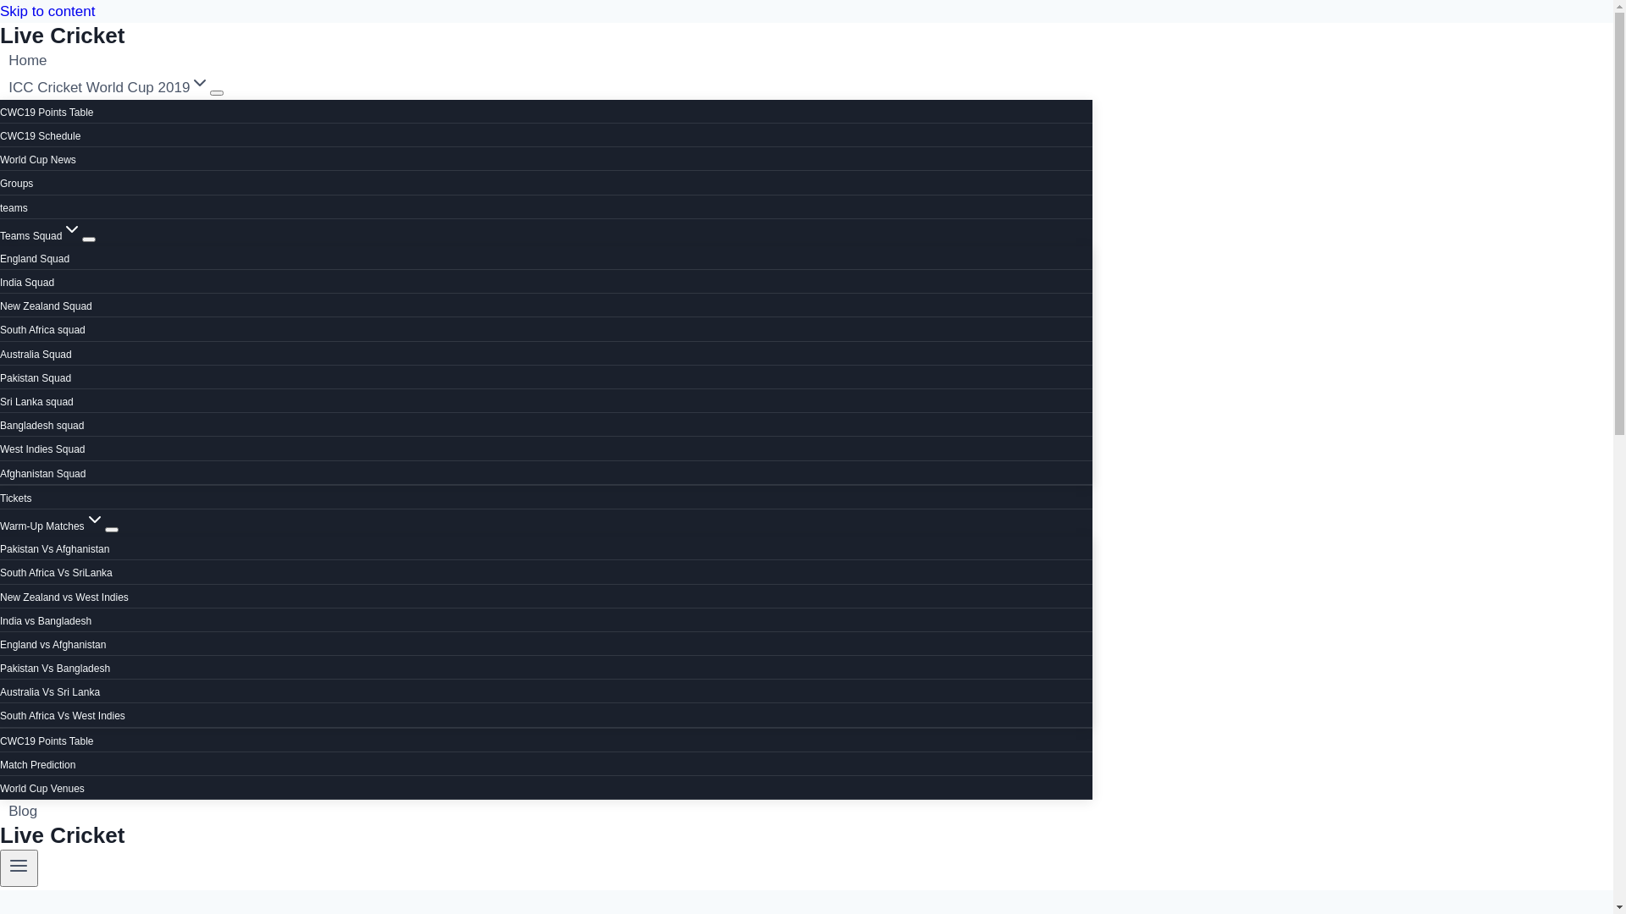  What do you see at coordinates (49, 691) in the screenshot?
I see `'Australia Vs Sri Lanka'` at bounding box center [49, 691].